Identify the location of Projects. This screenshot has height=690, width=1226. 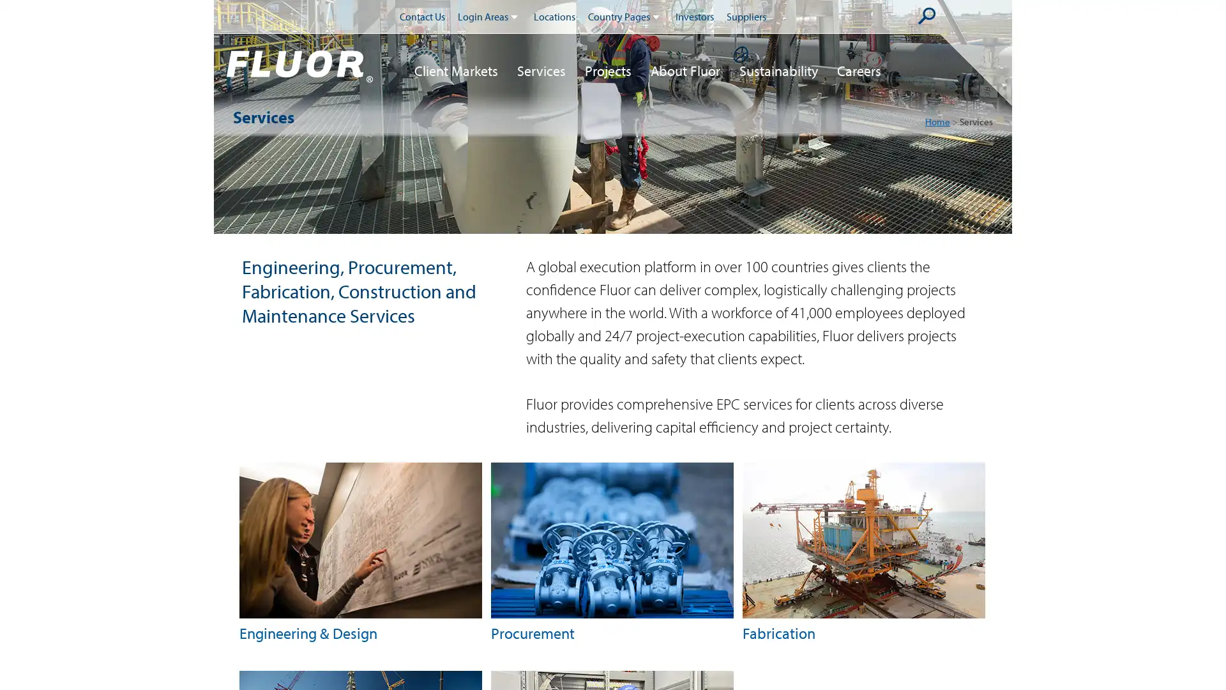
(607, 63).